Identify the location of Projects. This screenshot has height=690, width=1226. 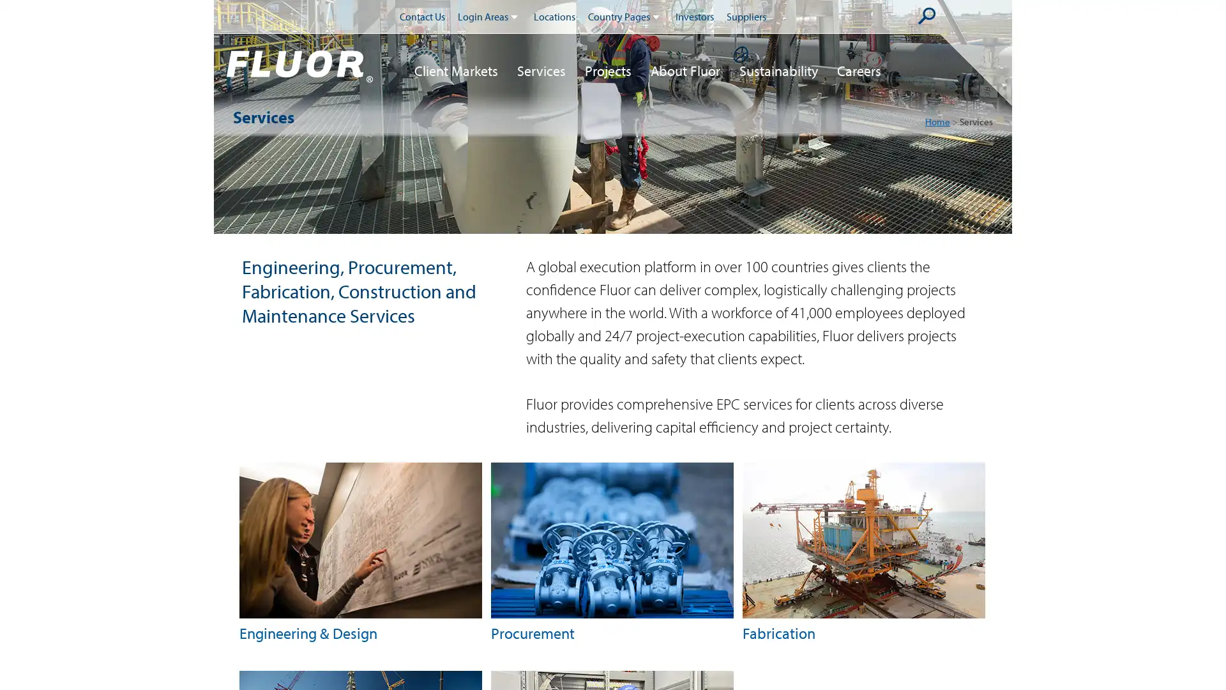
(607, 63).